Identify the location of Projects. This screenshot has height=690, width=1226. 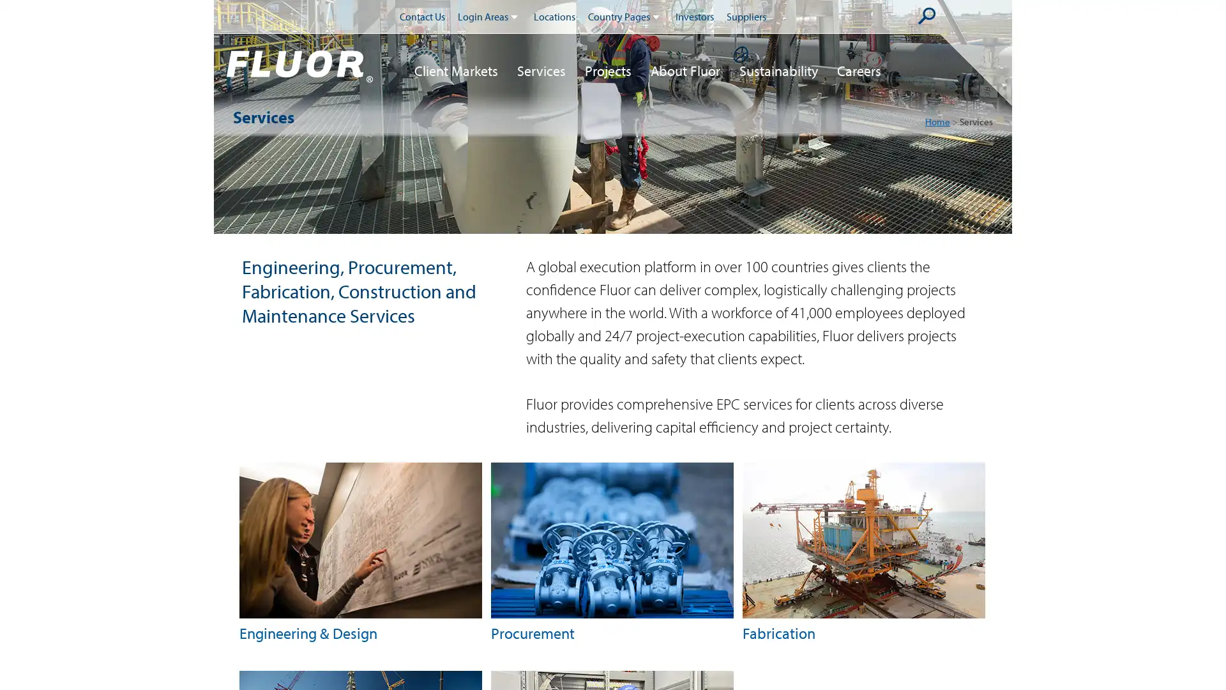
(607, 63).